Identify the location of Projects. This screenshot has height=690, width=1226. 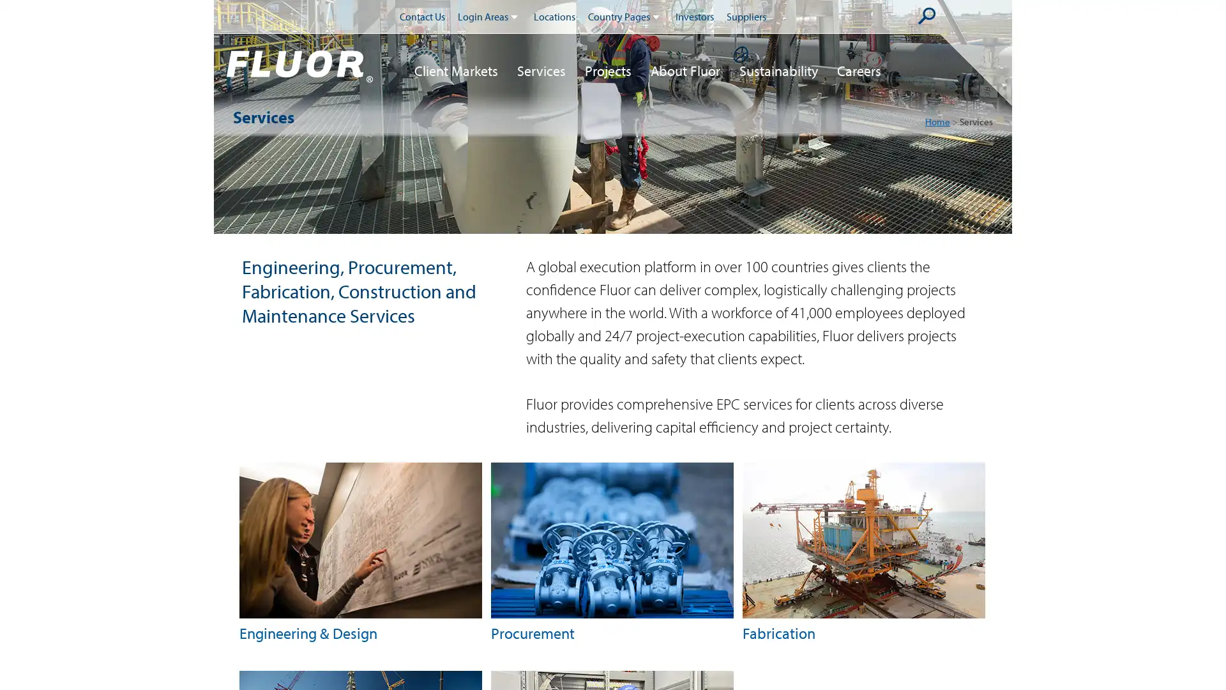
(607, 63).